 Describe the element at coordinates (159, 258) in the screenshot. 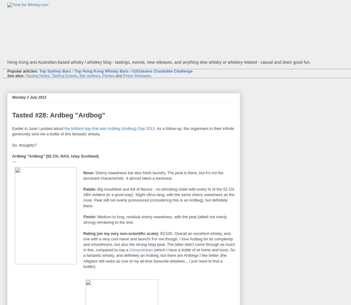

I see `'(which I have a bottle of at home and love). So a fantastic whisky, and definitely an Ardbeg, but there are Ardbegs I like better (the Alligator still ranks as one of my all-time favourite whiskies....I just need to find a bottle!)'` at that location.